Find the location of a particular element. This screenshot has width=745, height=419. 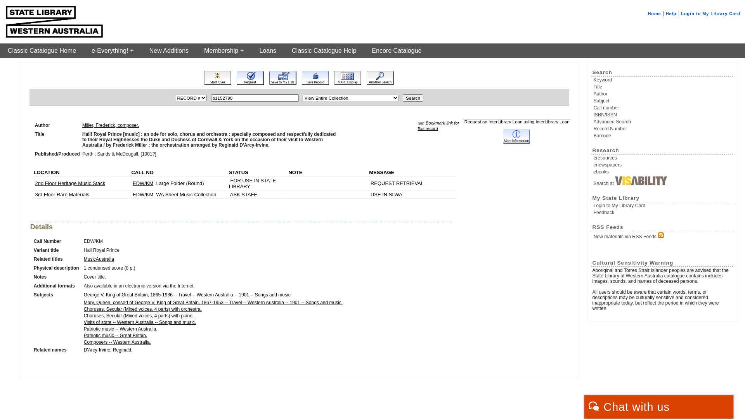

'New materials via RSS Feeds' is located at coordinates (662, 235).